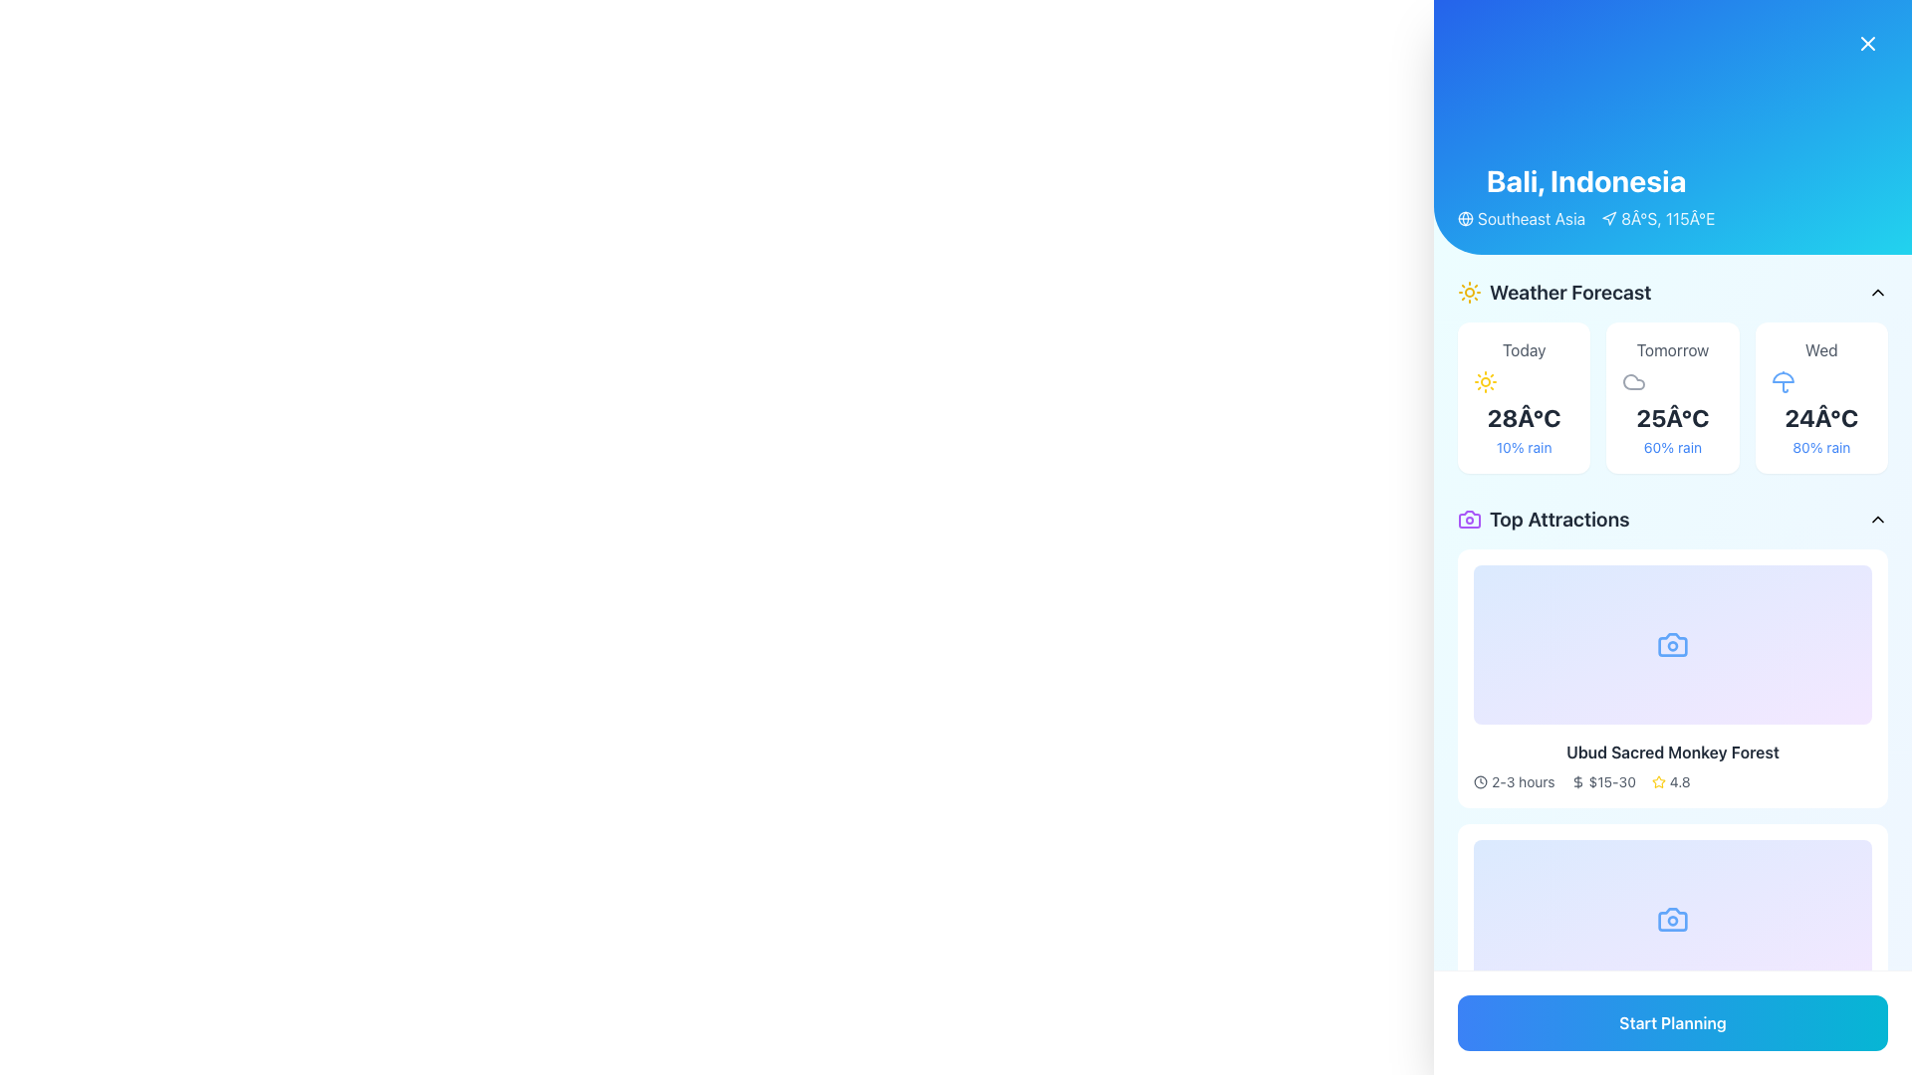 The width and height of the screenshot is (1912, 1075). What do you see at coordinates (1522, 781) in the screenshot?
I see `the text displaying the estimated duration for a visit to the Ubud Sacred Monkey Forest attraction, located beneath the card titled 'Ubud Sacred Monkey Forest' in the 'Top Attractions' section` at bounding box center [1522, 781].